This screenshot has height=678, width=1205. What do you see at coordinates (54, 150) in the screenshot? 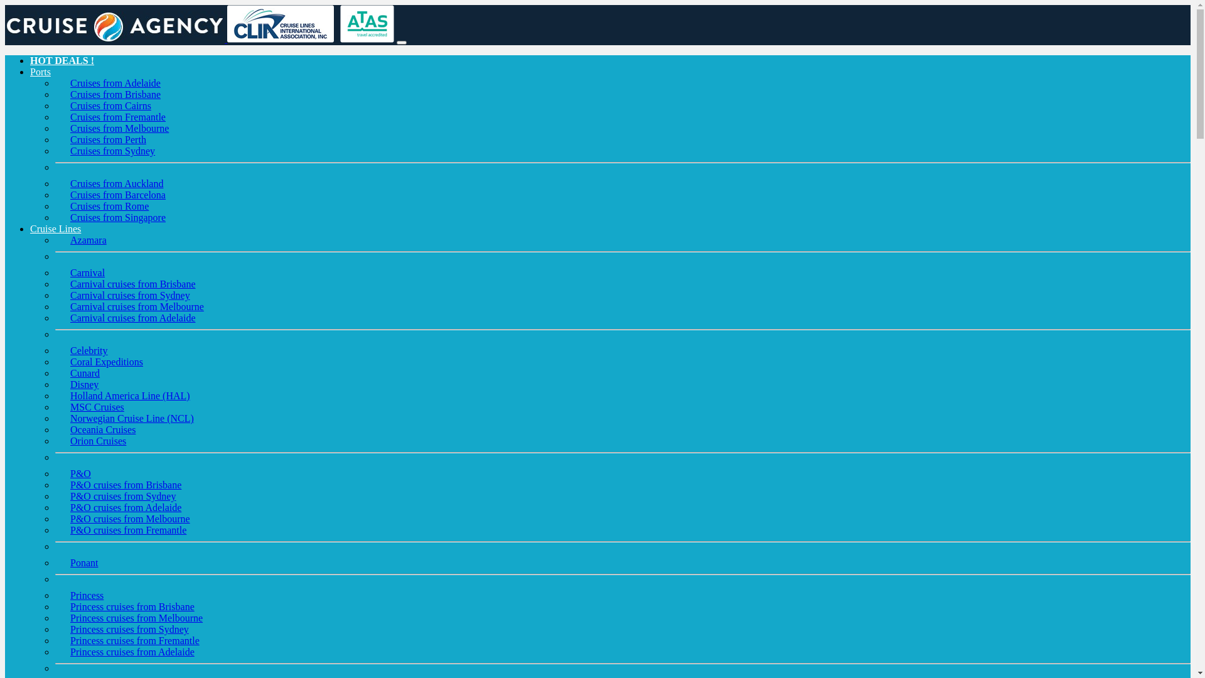
I see `'Cruises from Sydney'` at bounding box center [54, 150].